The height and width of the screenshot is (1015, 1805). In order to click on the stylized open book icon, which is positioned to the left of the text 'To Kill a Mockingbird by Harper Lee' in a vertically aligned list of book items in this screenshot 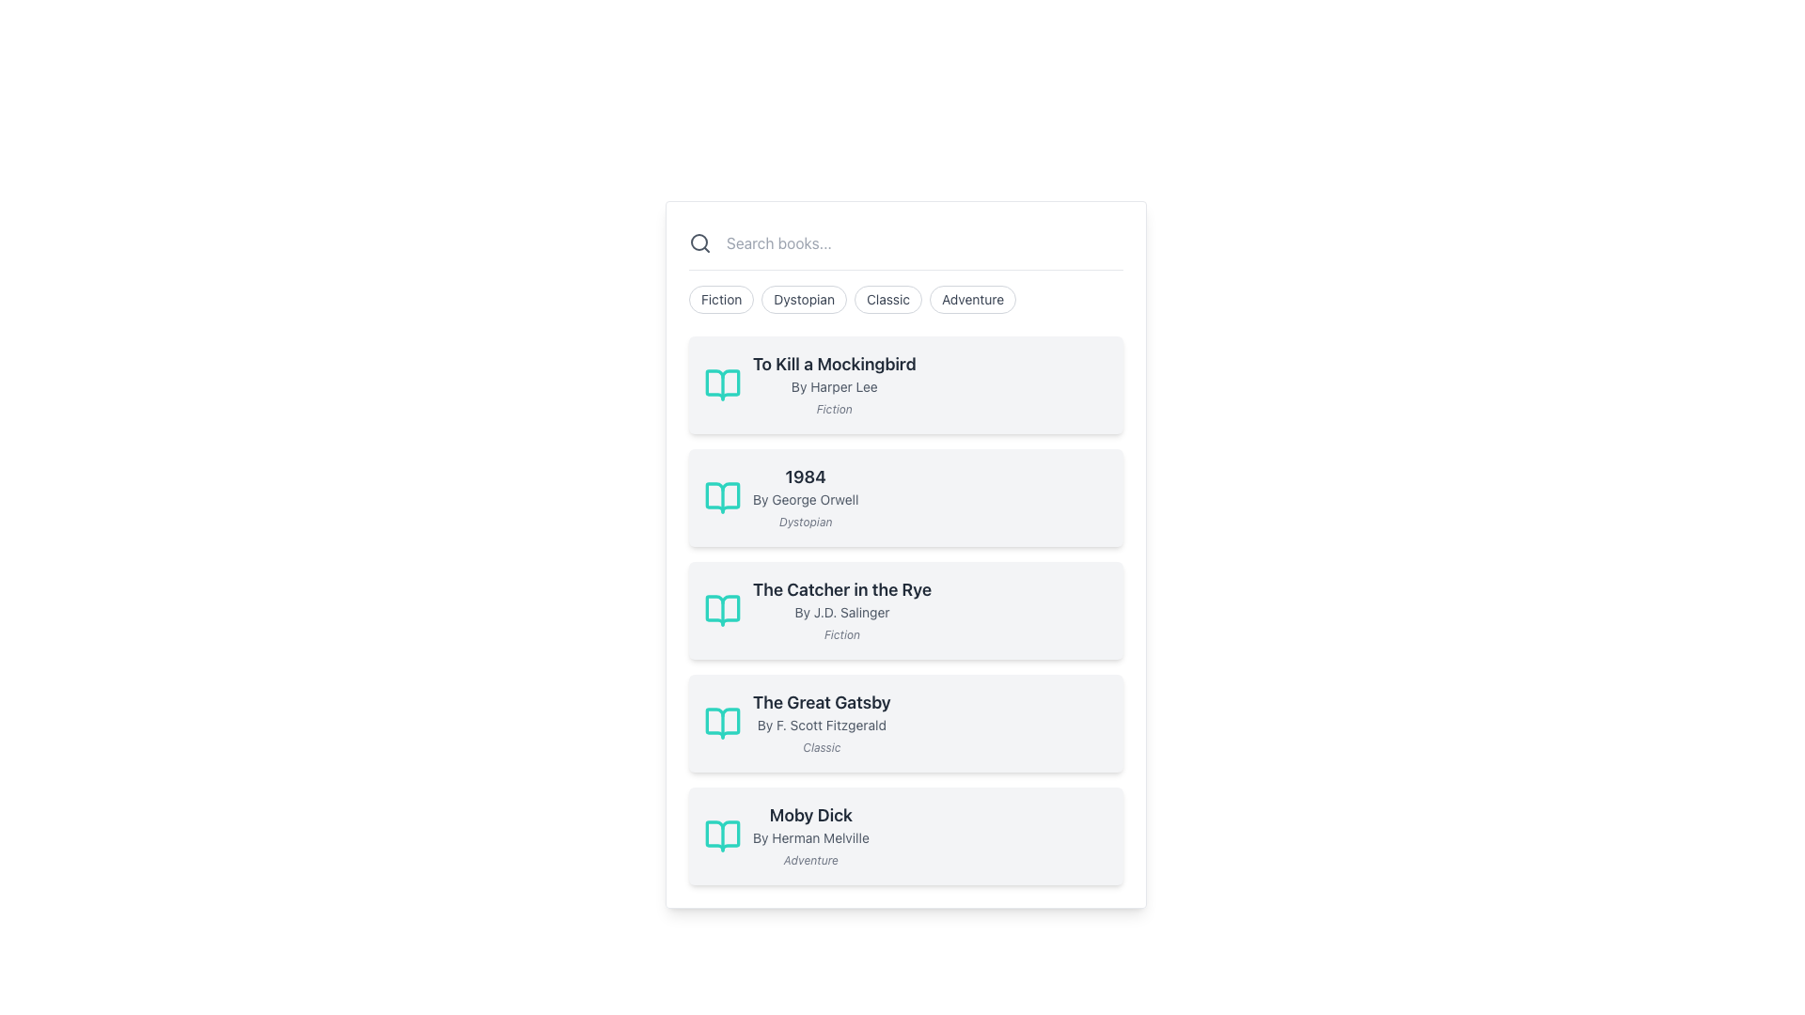, I will do `click(721, 383)`.